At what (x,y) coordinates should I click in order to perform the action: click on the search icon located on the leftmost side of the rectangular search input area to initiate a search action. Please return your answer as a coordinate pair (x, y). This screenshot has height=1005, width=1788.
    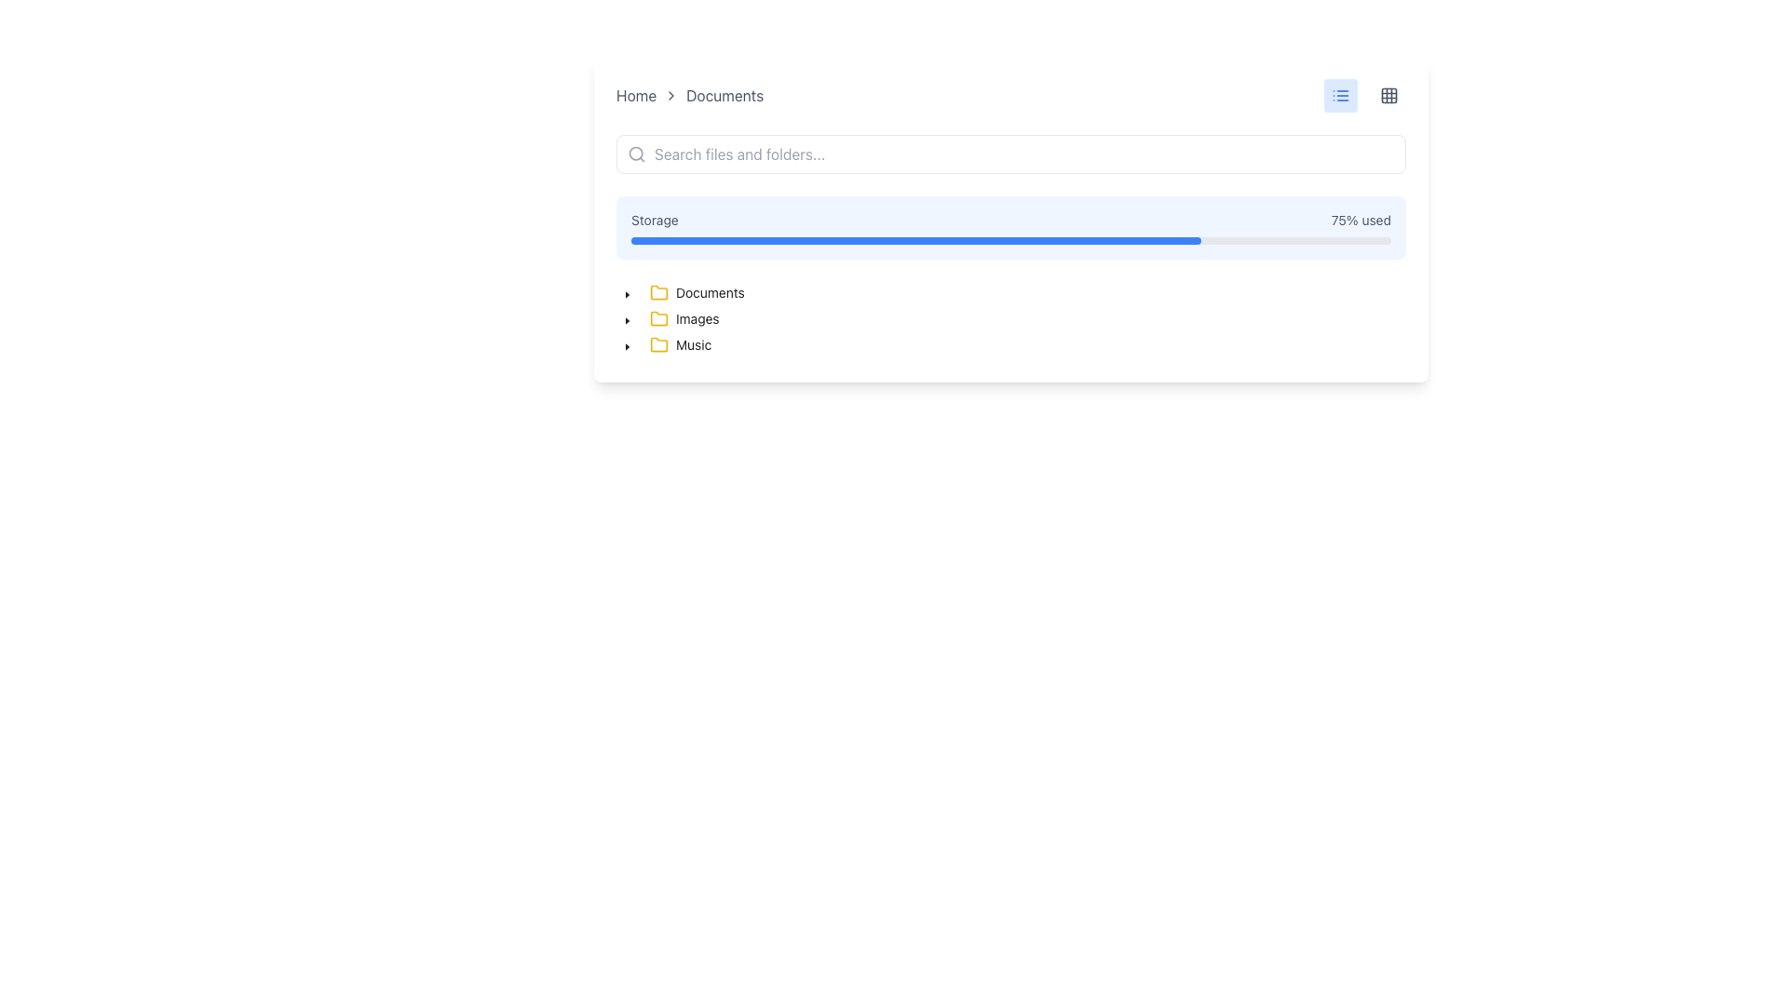
    Looking at the image, I should click on (637, 153).